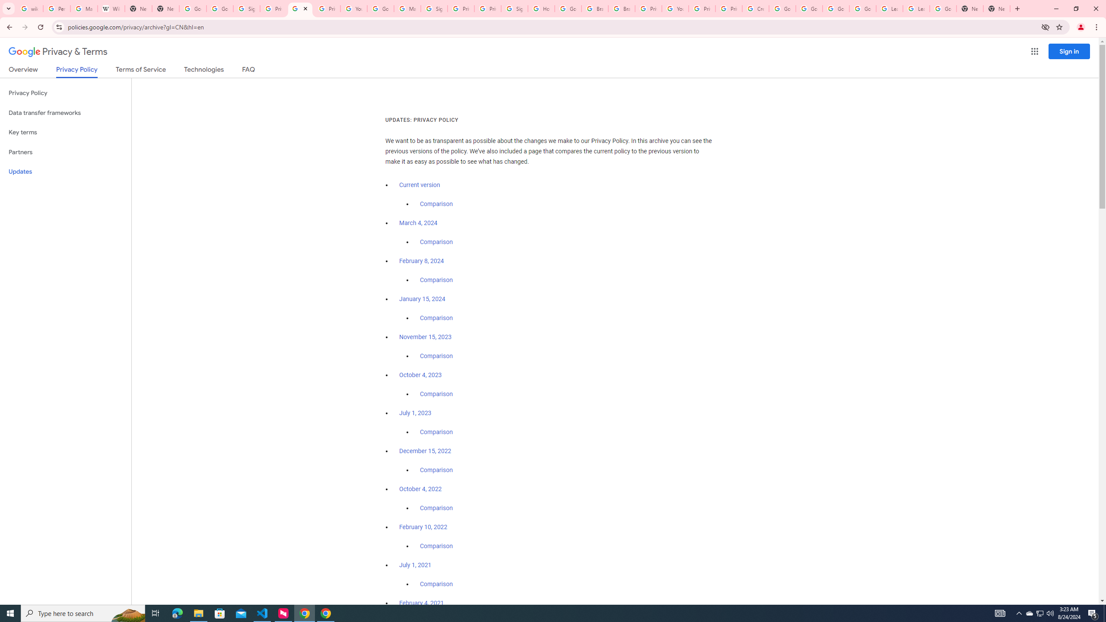 The height and width of the screenshot is (622, 1106). Describe the element at coordinates (425, 451) in the screenshot. I see `'December 15, 2022'` at that location.